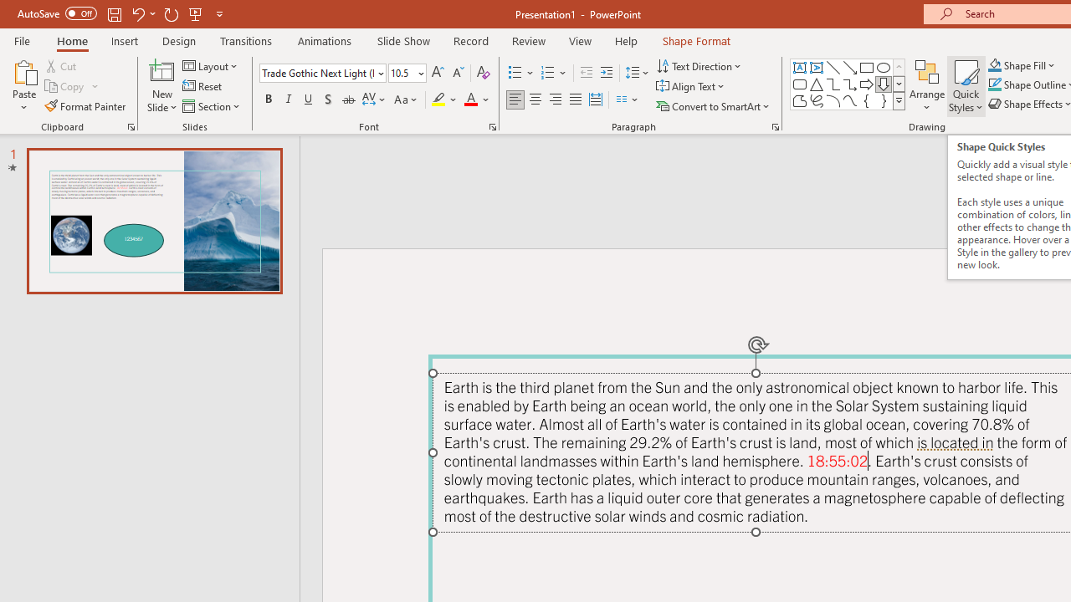 Image resolution: width=1071 pixels, height=602 pixels. What do you see at coordinates (833, 84) in the screenshot?
I see `'Connector: Elbow'` at bounding box center [833, 84].